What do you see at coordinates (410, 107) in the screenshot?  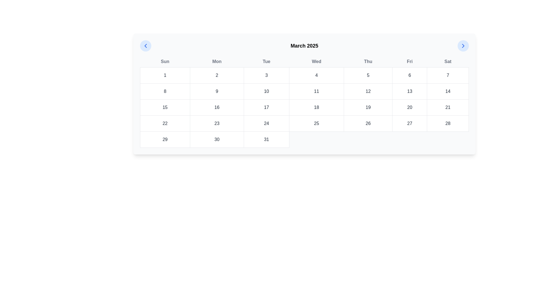 I see `the calendar date cell element displaying the number '20', which has a white background and gray text, located in the fifth row under the Friday column` at bounding box center [410, 107].